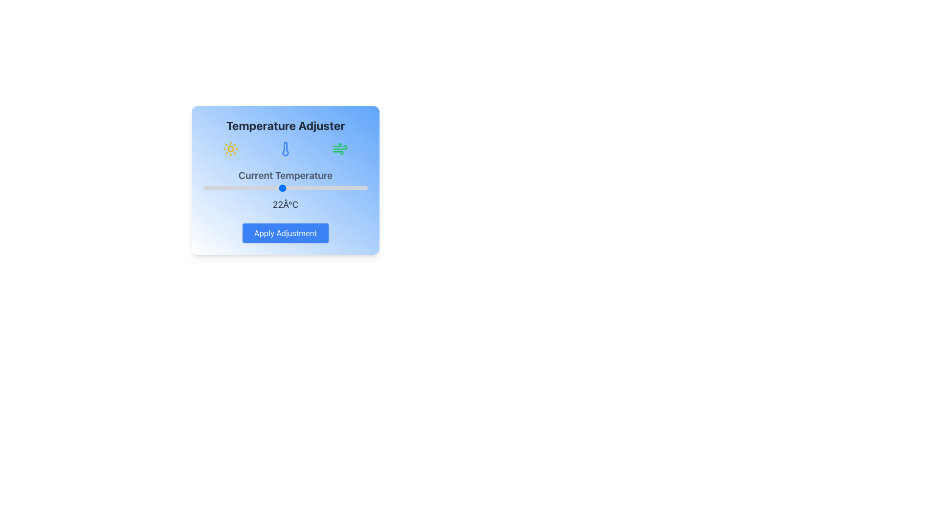 The image size is (939, 528). I want to click on the temperature, so click(295, 188).